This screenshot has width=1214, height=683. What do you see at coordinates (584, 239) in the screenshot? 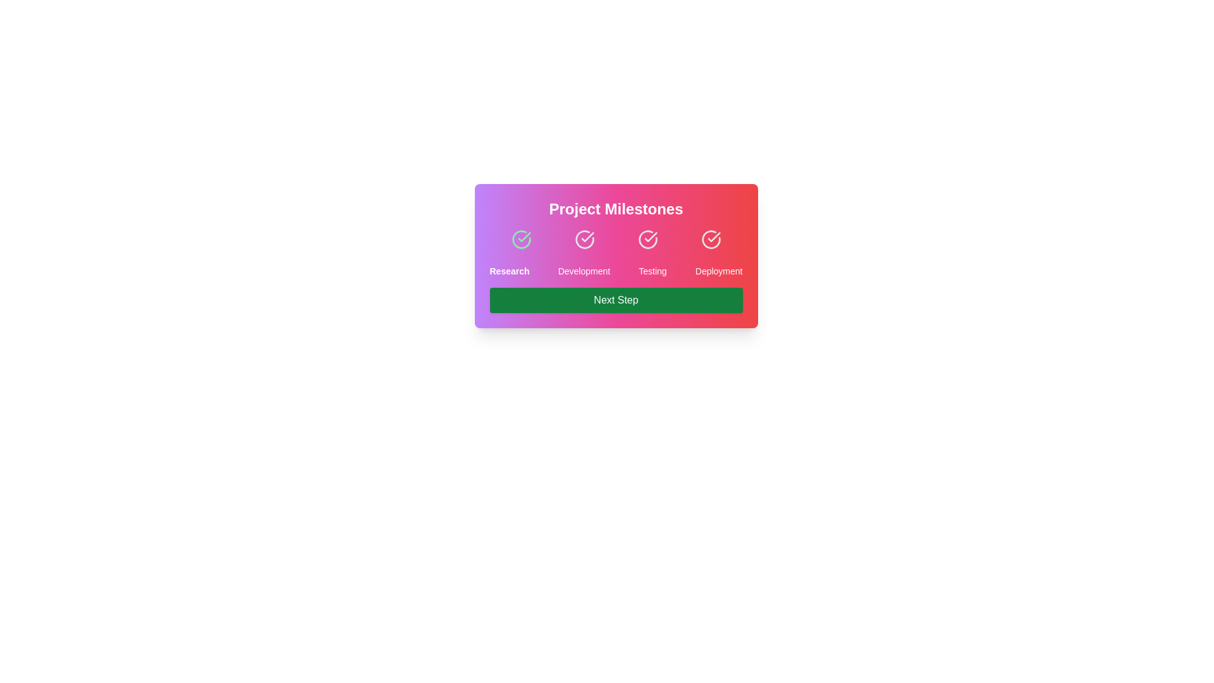
I see `the 'Development' phase icon in the project milestone tracker, which is the second icon in a row of four similar icons` at bounding box center [584, 239].